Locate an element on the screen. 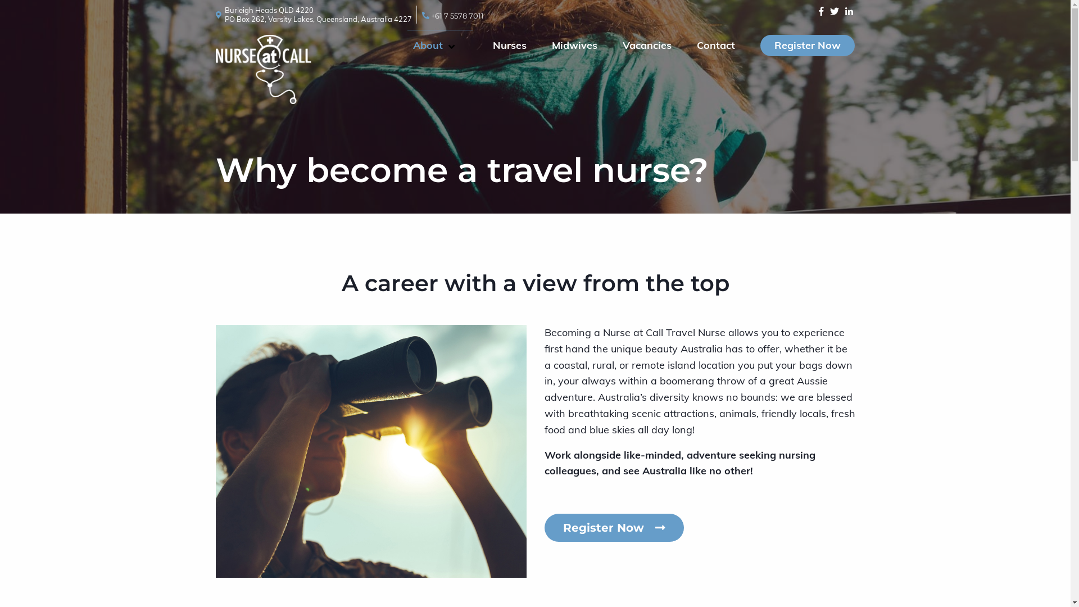 The image size is (1079, 607). '+61 7 5578 7011' is located at coordinates (453, 15).